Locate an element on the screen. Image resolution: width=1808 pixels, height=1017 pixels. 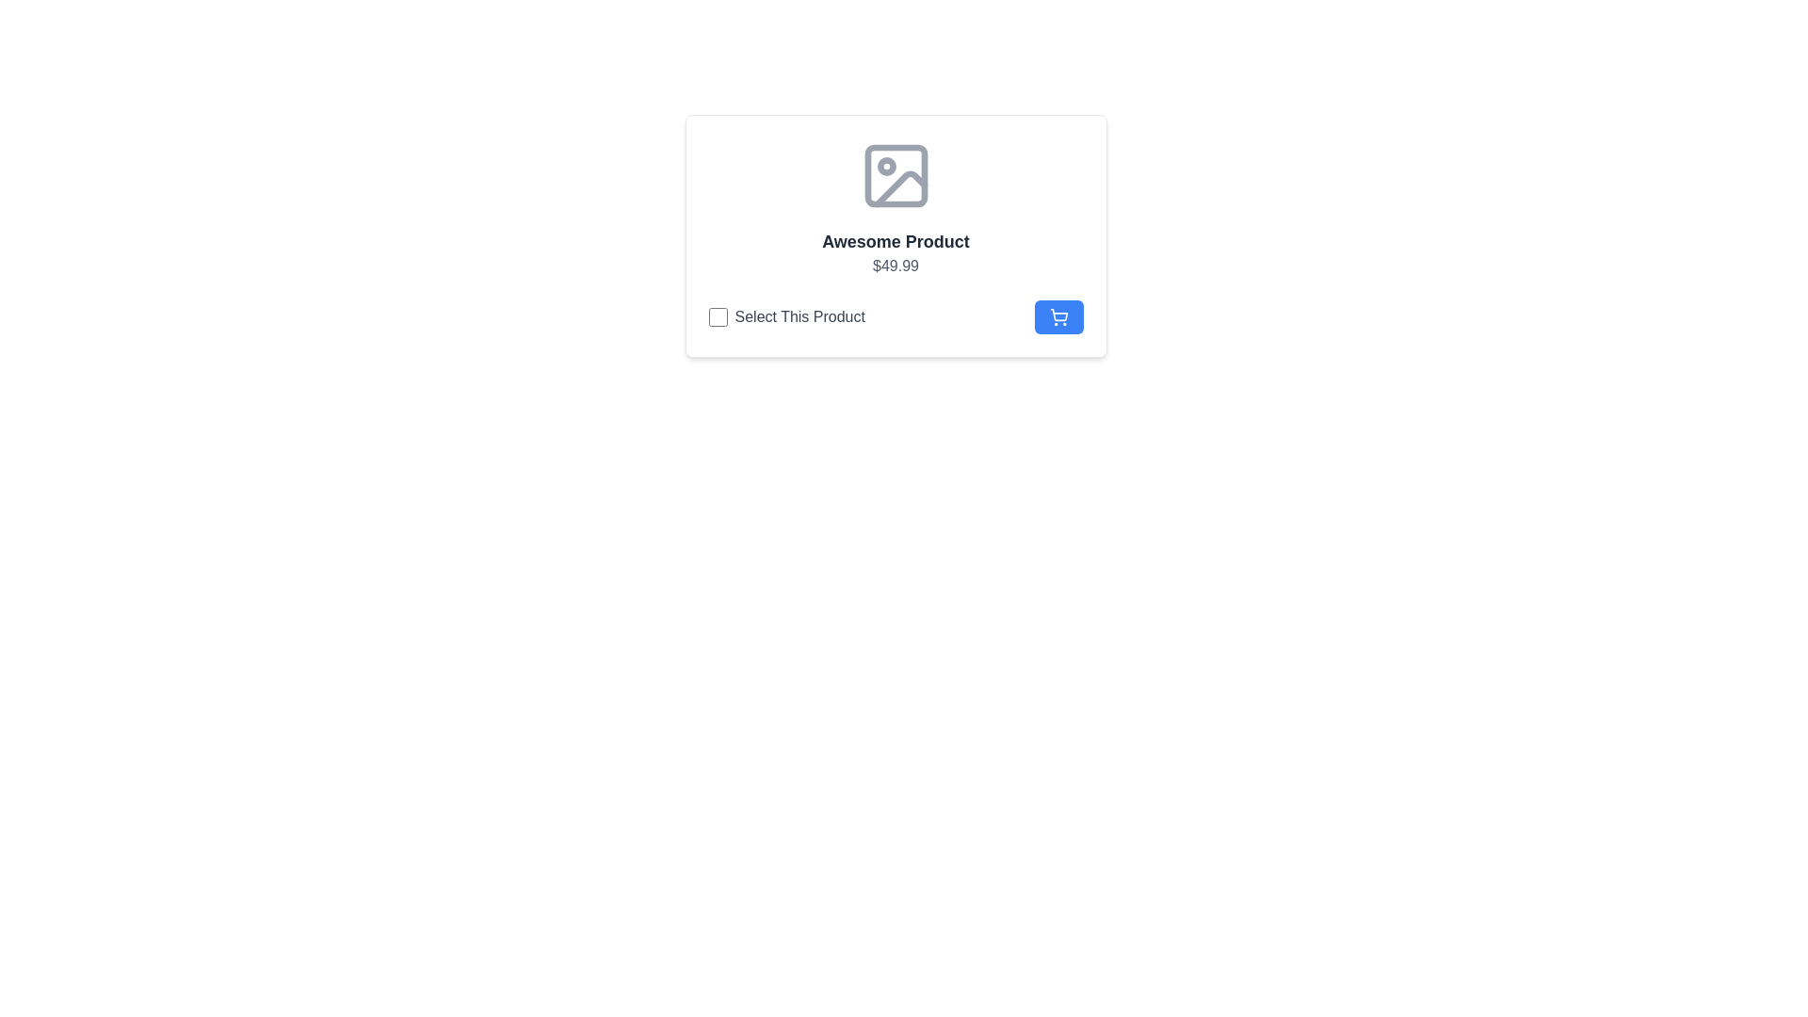
the shopping cart icon inside the blue circular button located at the bottom-right corner of the card interface is located at coordinates (1058, 315).